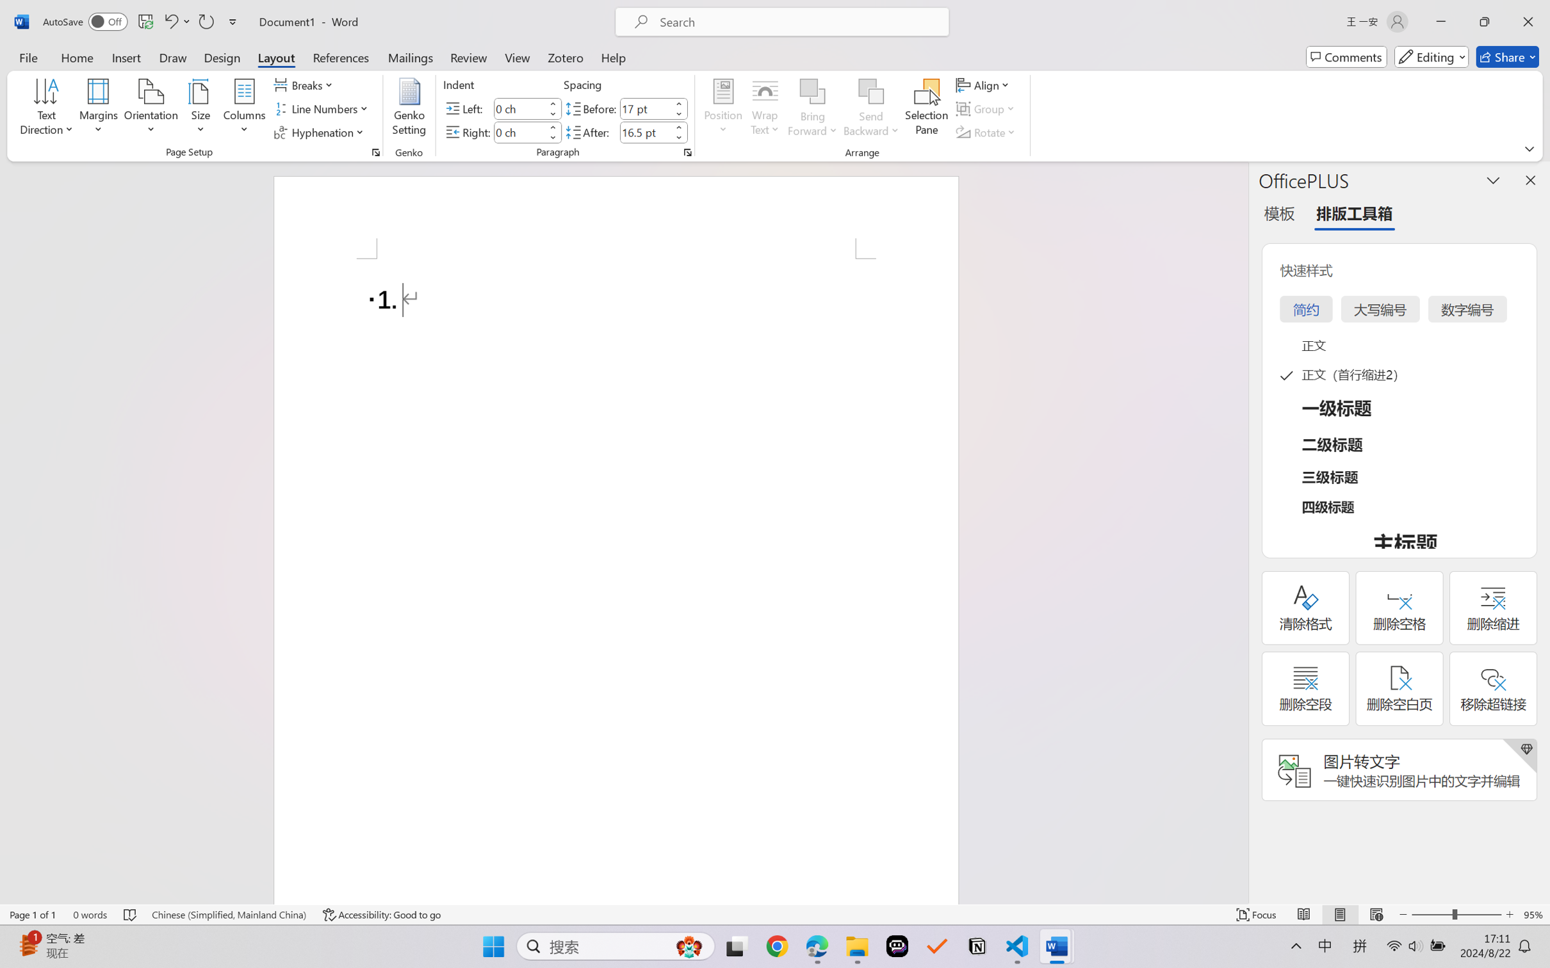  What do you see at coordinates (519, 131) in the screenshot?
I see `'Indent Right'` at bounding box center [519, 131].